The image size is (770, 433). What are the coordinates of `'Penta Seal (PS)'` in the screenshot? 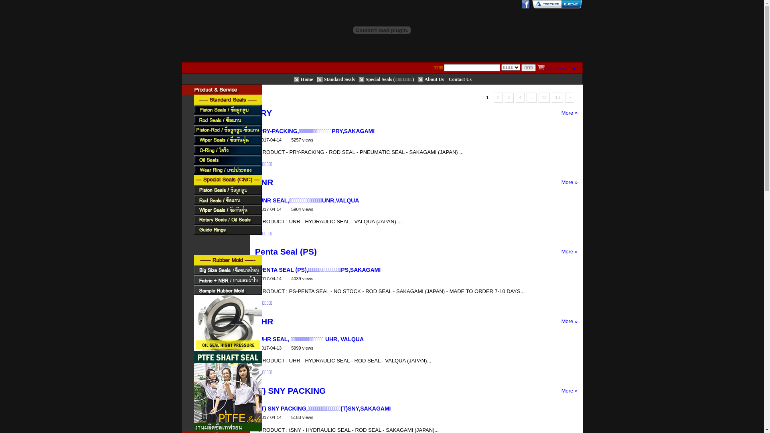 It's located at (286, 251).